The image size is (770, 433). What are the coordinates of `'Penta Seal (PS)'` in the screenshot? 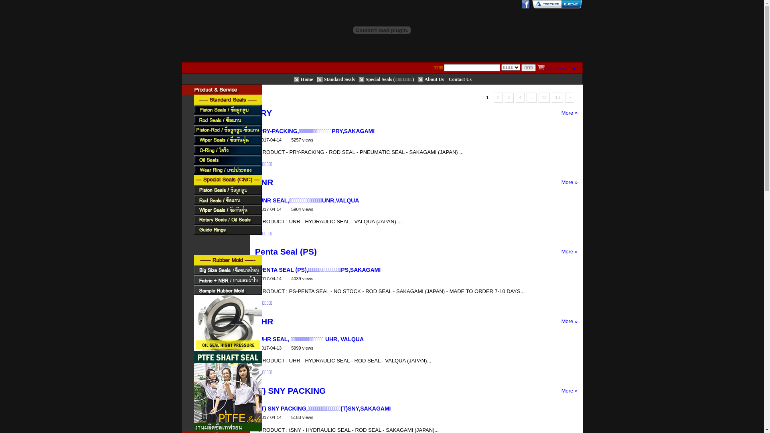 It's located at (286, 251).